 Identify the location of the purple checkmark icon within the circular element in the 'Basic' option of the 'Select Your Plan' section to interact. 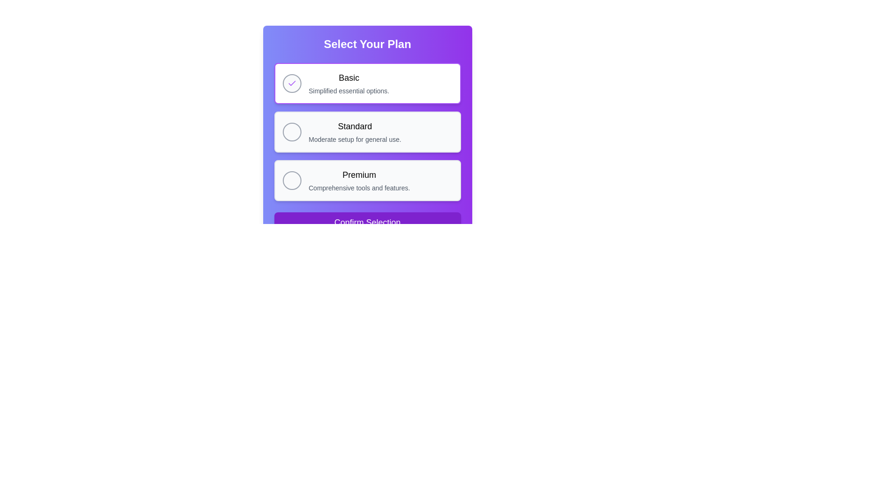
(291, 83).